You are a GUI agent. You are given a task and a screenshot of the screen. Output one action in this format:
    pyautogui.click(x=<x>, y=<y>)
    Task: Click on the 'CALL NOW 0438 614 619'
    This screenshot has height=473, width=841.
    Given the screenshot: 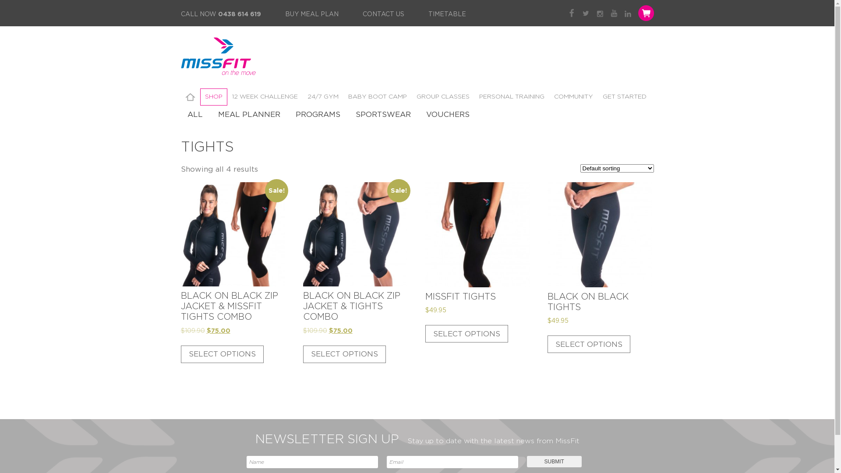 What is the action you would take?
    pyautogui.click(x=220, y=14)
    